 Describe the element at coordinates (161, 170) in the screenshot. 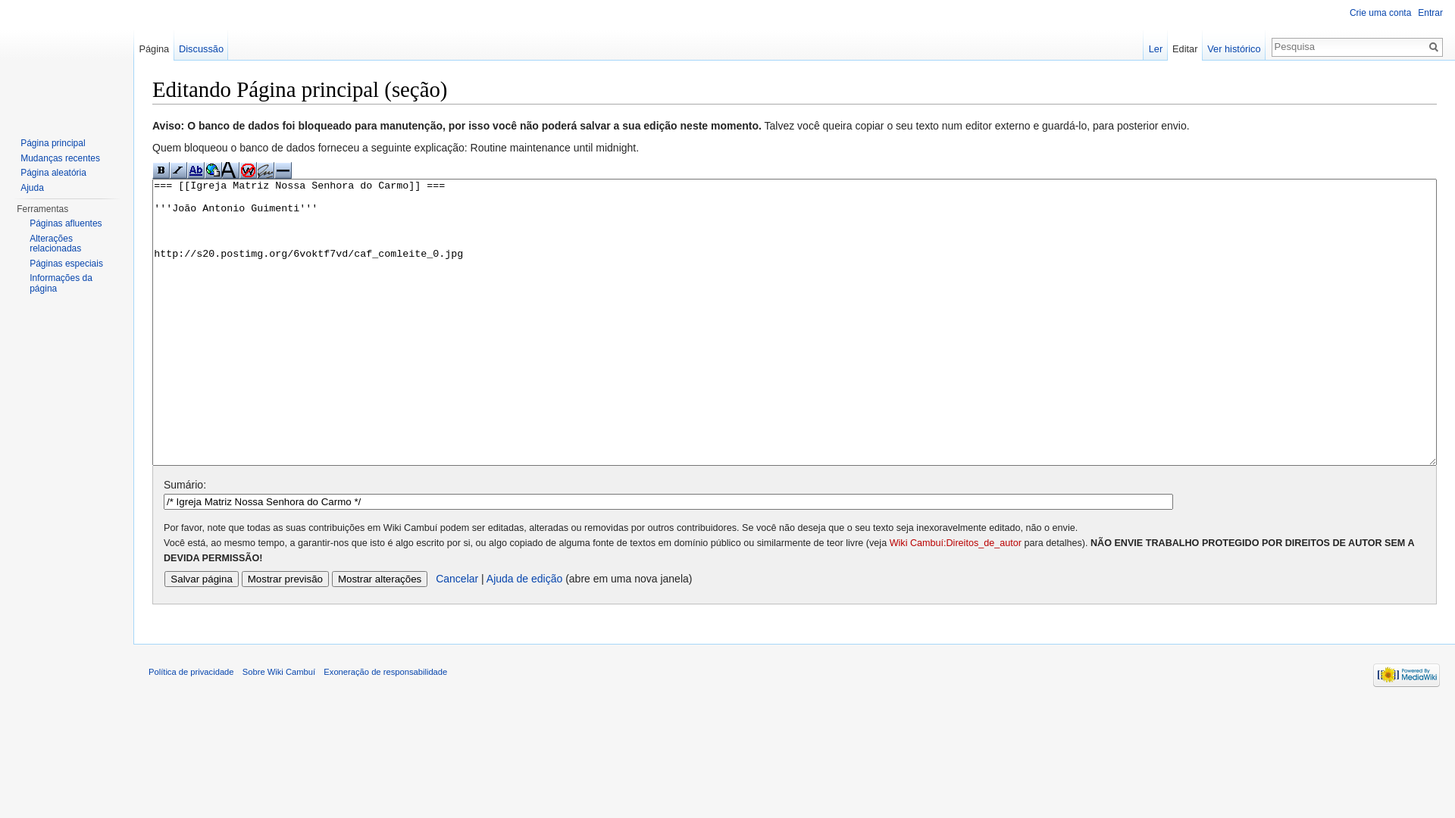

I see `'Texto em negrito'` at that location.